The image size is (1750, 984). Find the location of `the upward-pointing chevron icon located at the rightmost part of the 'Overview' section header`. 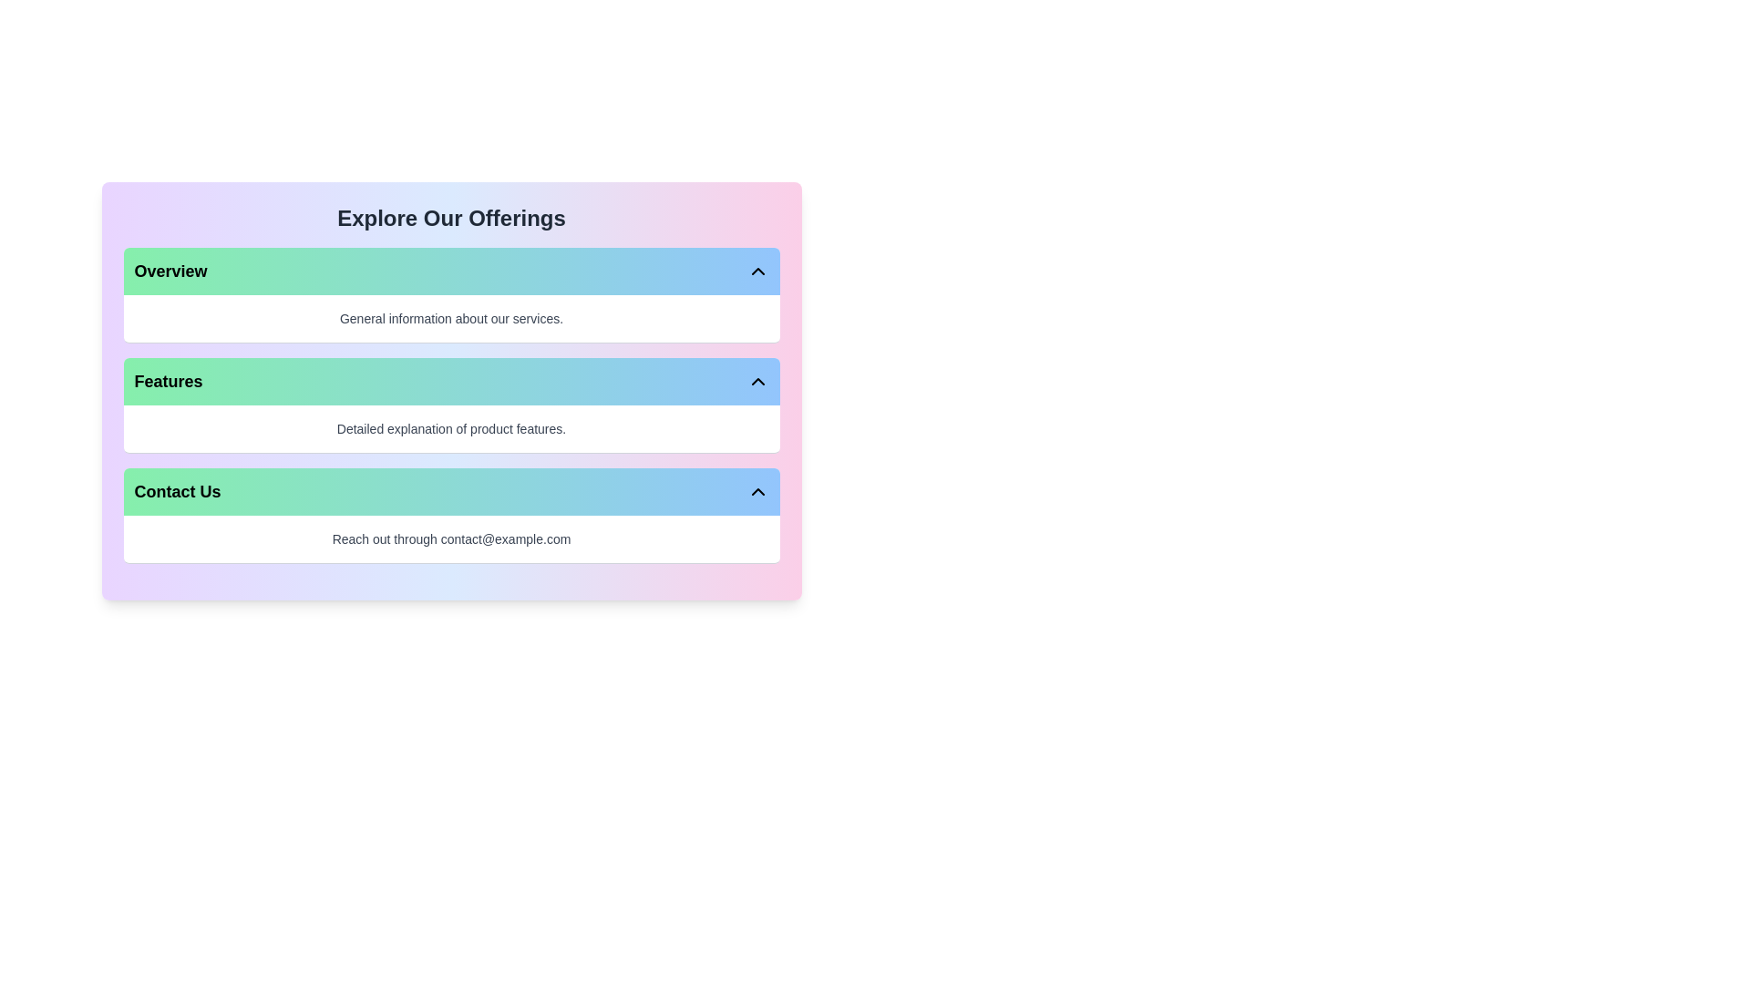

the upward-pointing chevron icon located at the rightmost part of the 'Overview' section header is located at coordinates (757, 271).